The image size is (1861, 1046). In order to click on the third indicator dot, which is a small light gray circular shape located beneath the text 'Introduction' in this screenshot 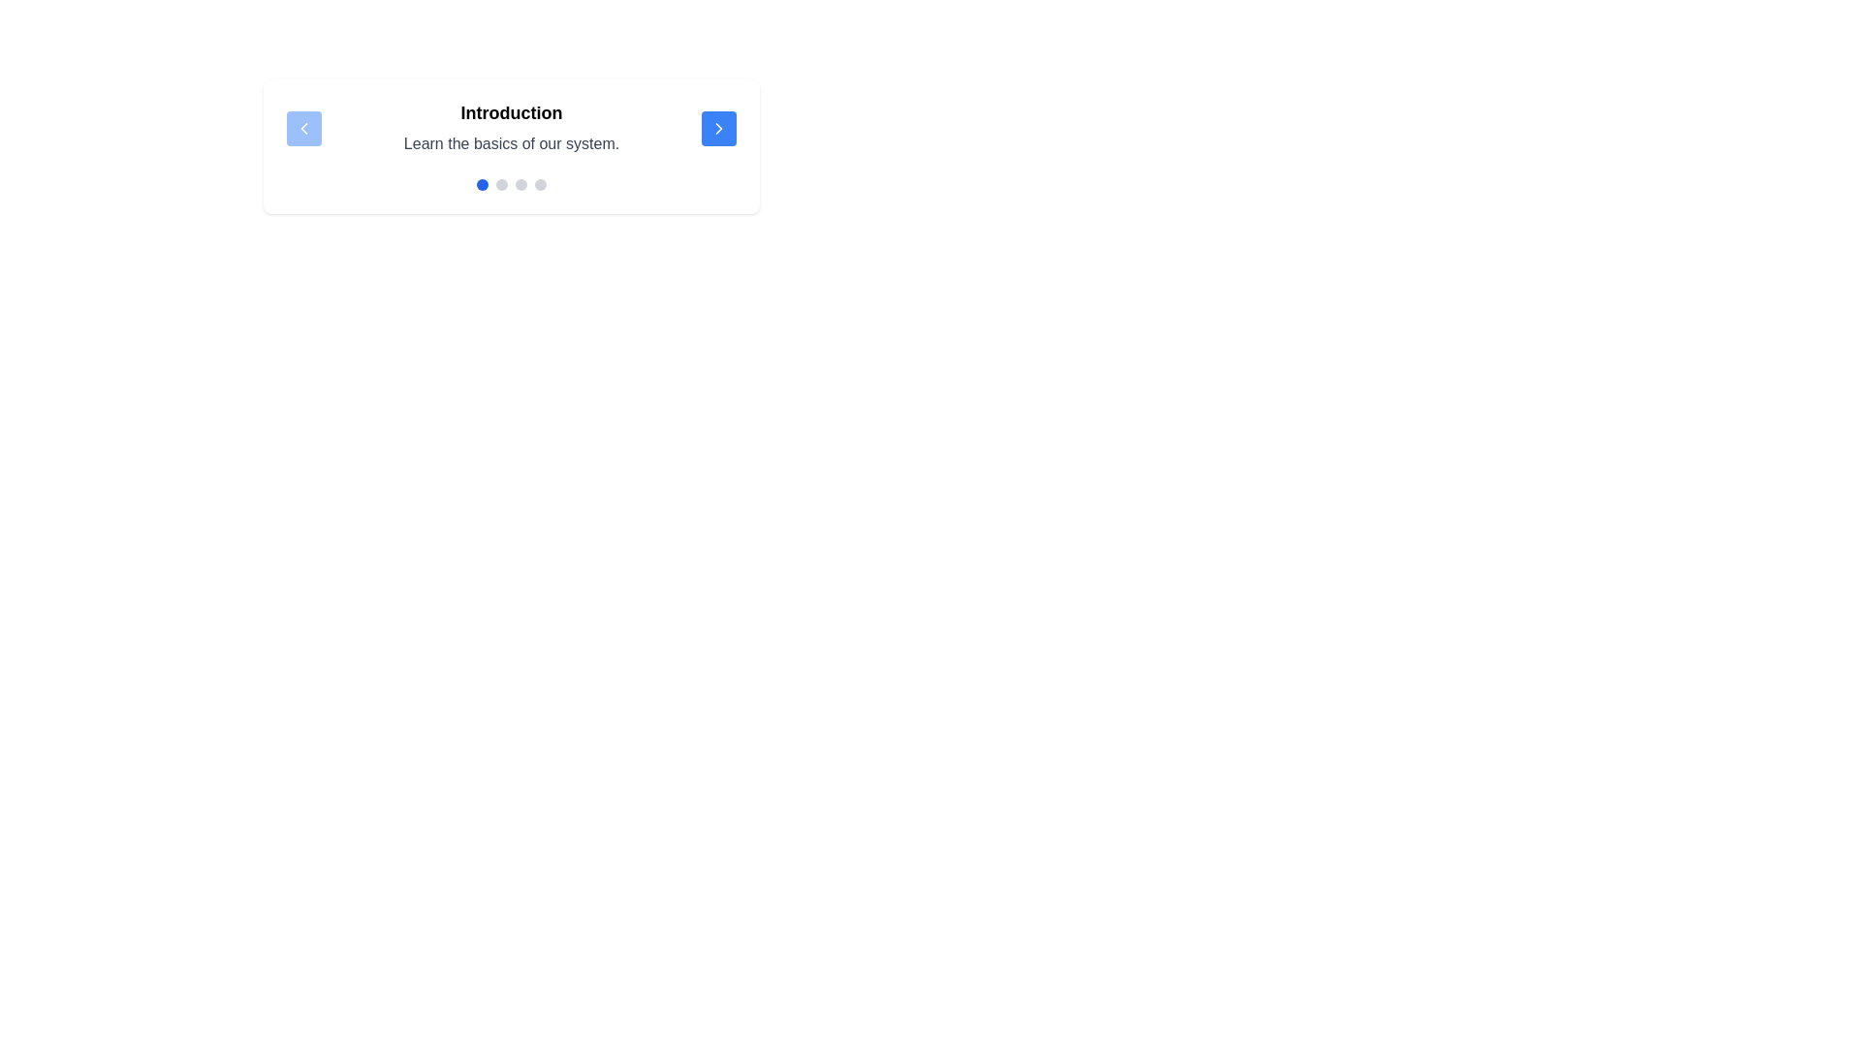, I will do `click(520, 184)`.